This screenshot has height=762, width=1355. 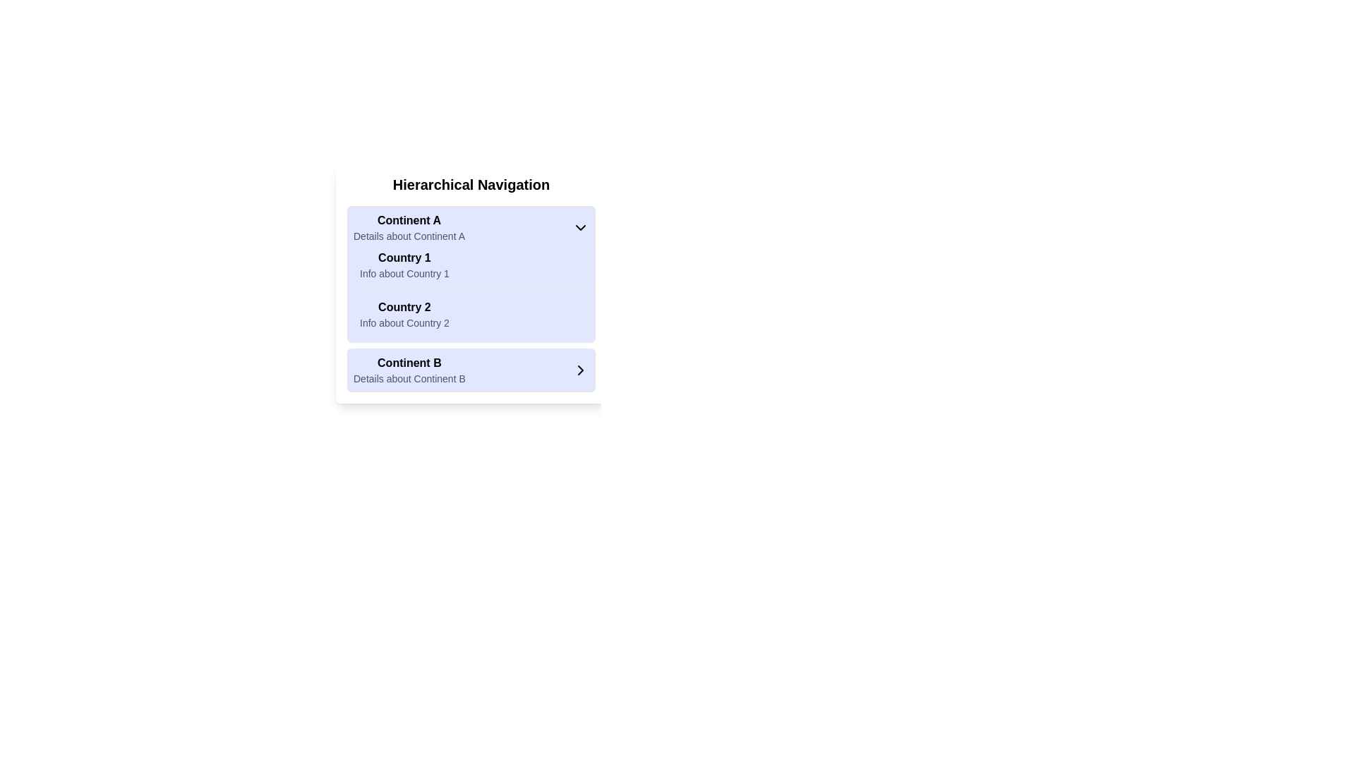 I want to click on the text label that reads 'Info about Country 2', which is positioned beneath 'Country 2' in a gray font, centrally aligned within the hierarchical navigation menu of 'Continent A', so click(x=404, y=323).